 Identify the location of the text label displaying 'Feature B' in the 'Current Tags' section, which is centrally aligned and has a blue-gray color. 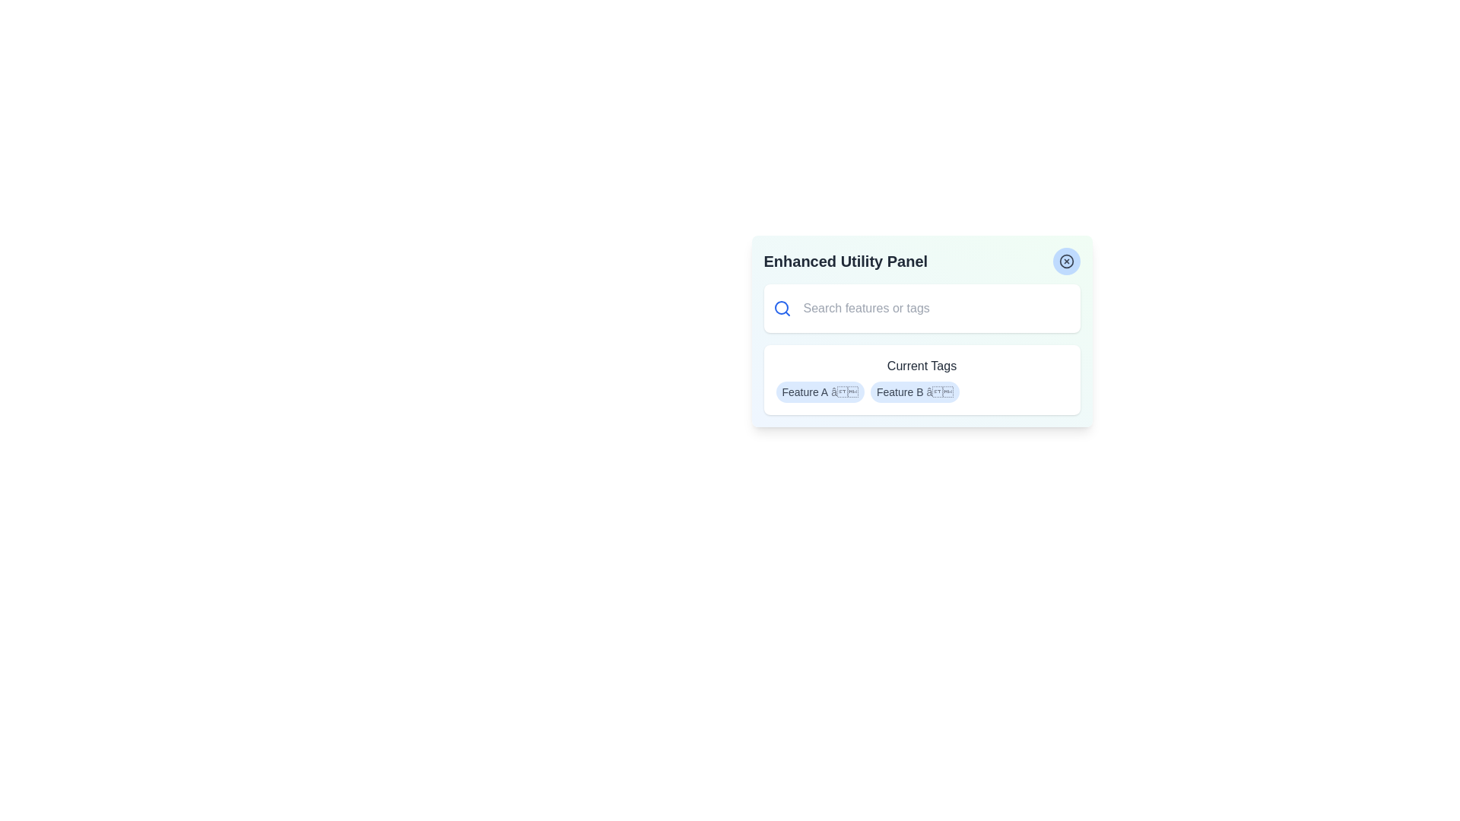
(900, 391).